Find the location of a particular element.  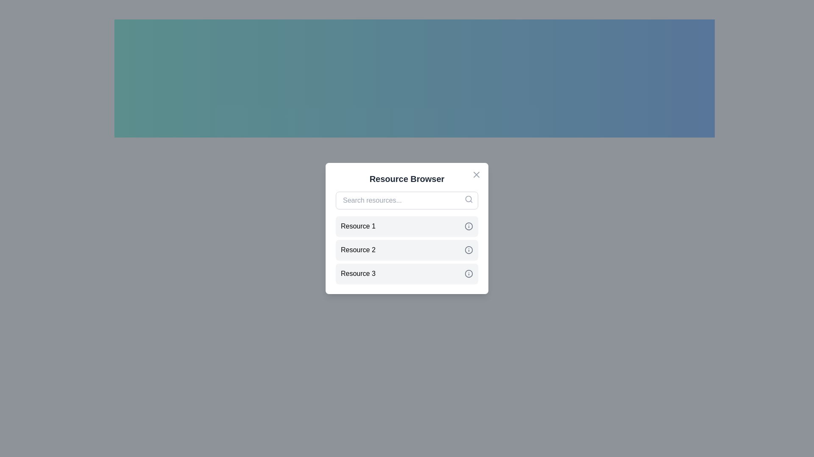

the Informational icon located to the right of 'Resource 2' in the 'Resource Browser' modal is located at coordinates (468, 249).